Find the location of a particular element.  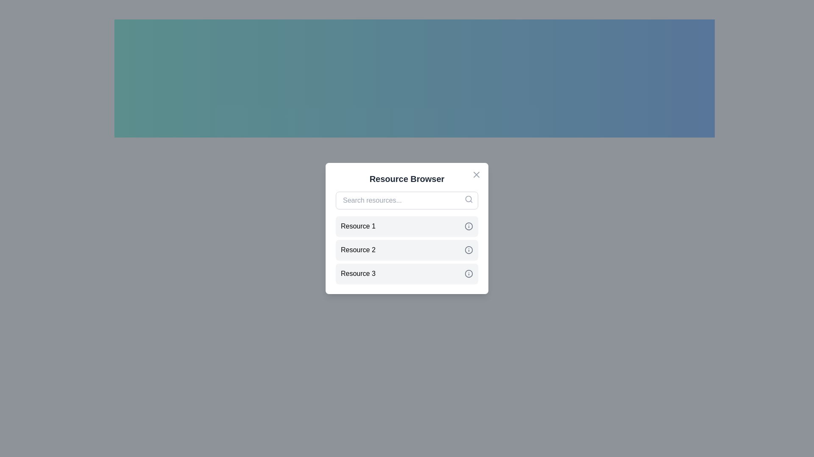

the Informational icon located to the right of 'Resource 2' in the 'Resource Browser' modal is located at coordinates (468, 249).